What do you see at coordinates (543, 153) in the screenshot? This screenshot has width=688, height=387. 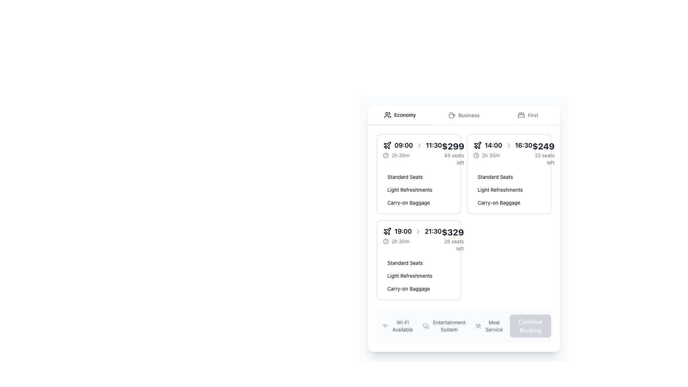 I see `information displayed in the text display component showing the price '$249' and the description '32 seats left', located in the bottom-right section of the flight selection card` at bounding box center [543, 153].